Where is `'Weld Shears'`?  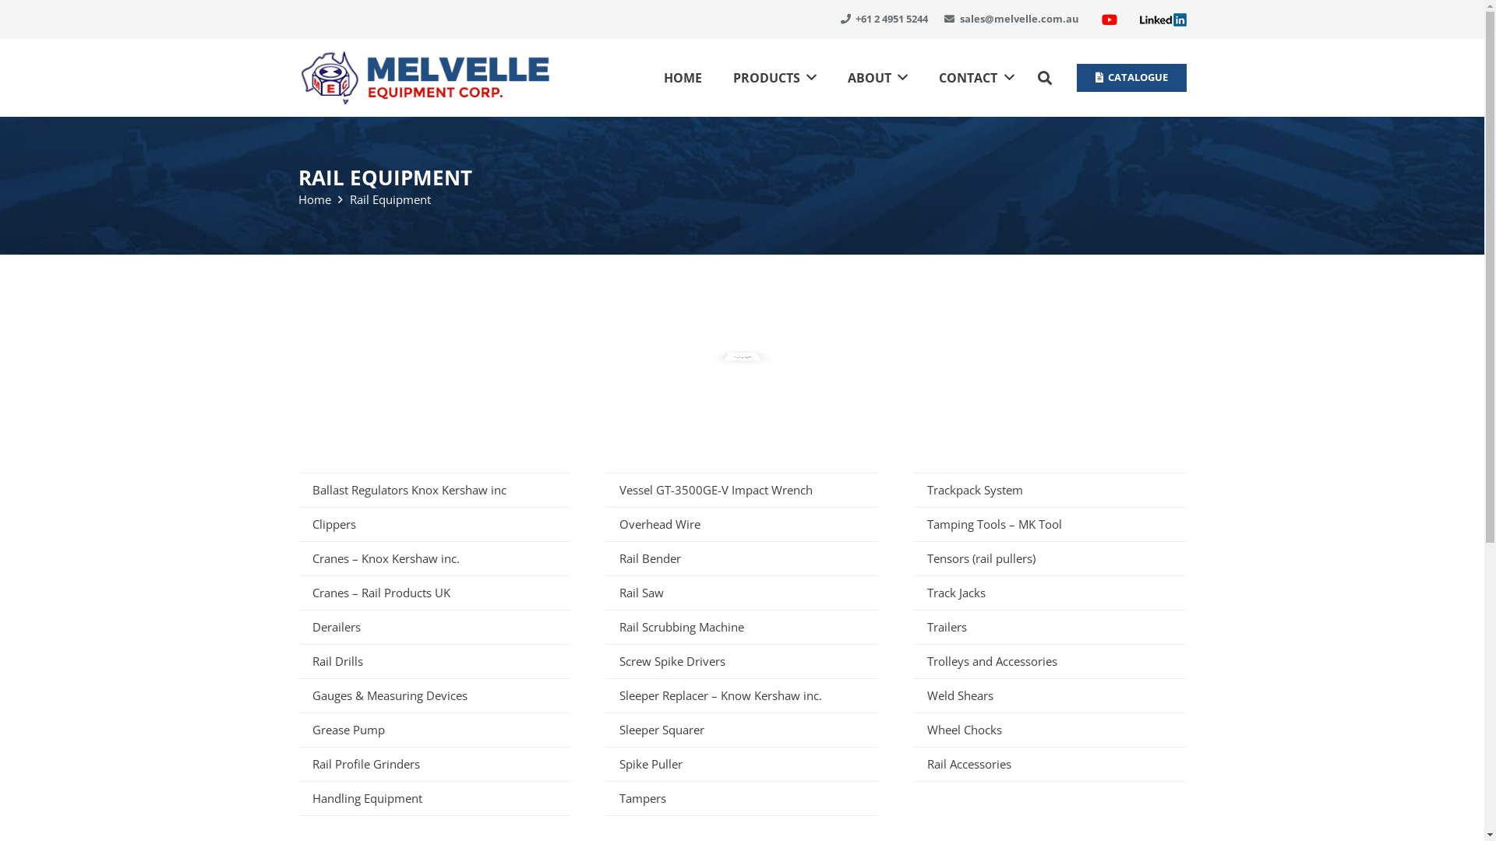 'Weld Shears' is located at coordinates (1050, 695).